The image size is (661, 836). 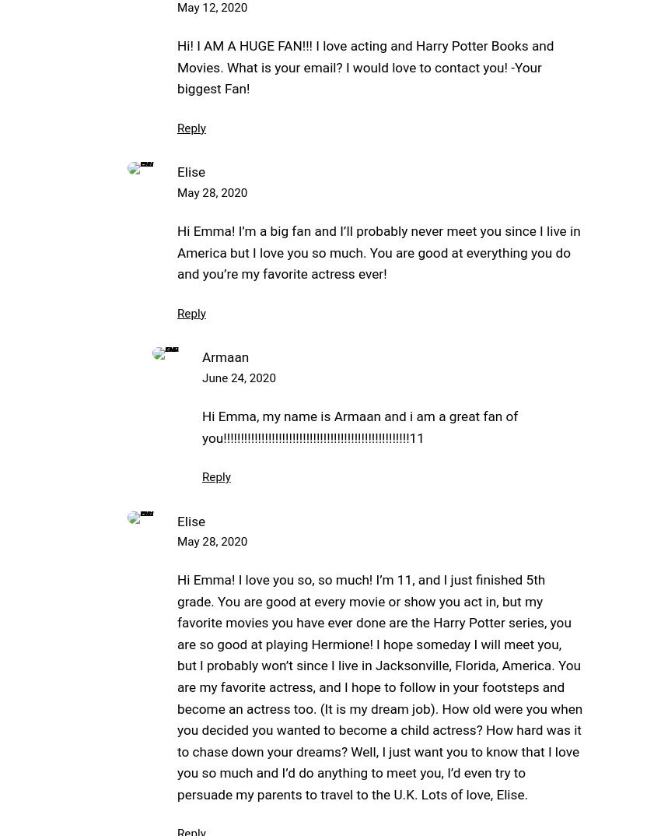 I want to click on 'June 24, 2020', so click(x=201, y=378).